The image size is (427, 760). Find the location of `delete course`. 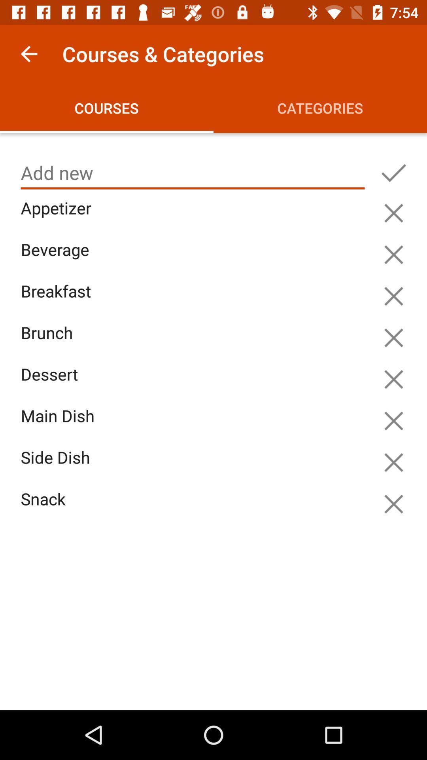

delete course is located at coordinates (393, 379).